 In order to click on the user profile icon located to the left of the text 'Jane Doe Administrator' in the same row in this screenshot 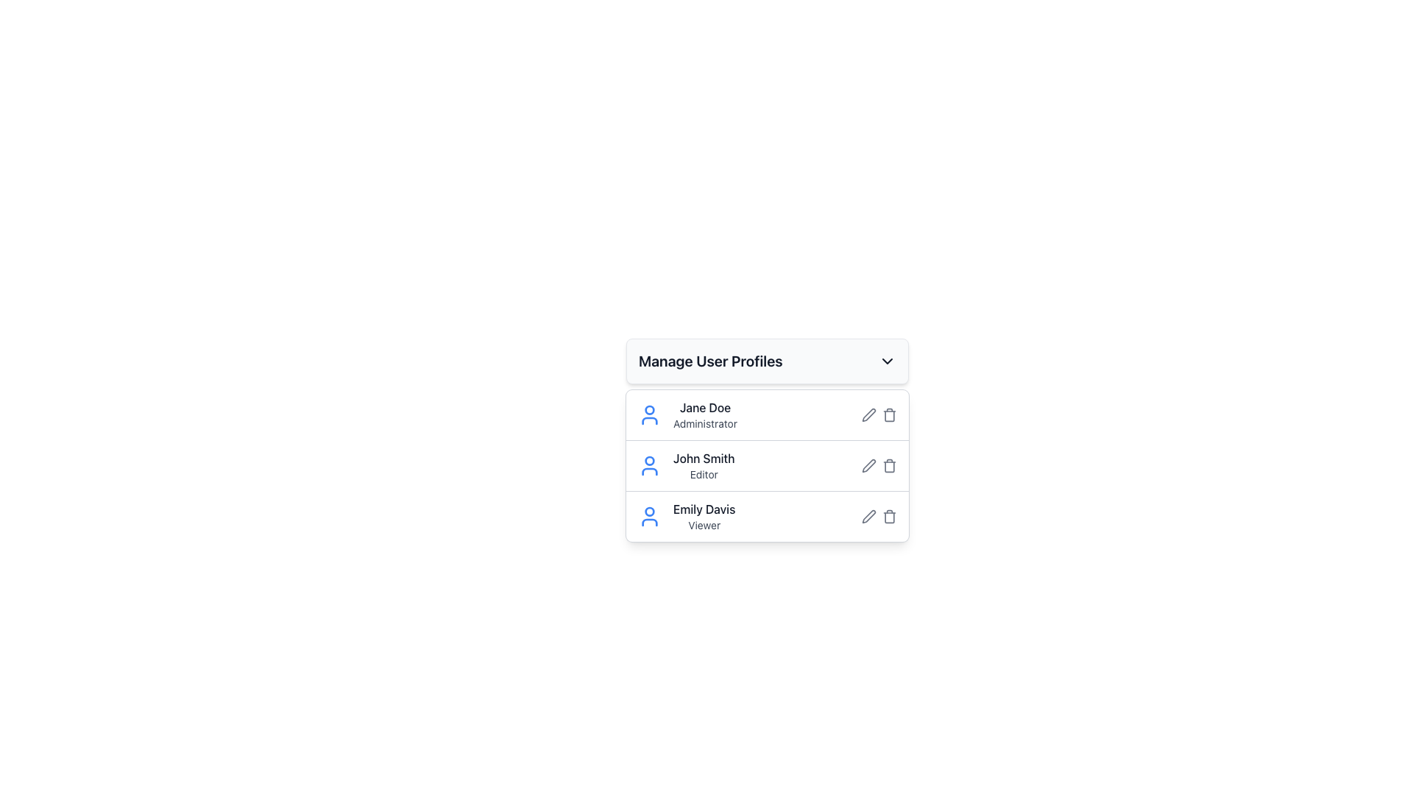, I will do `click(649, 414)`.